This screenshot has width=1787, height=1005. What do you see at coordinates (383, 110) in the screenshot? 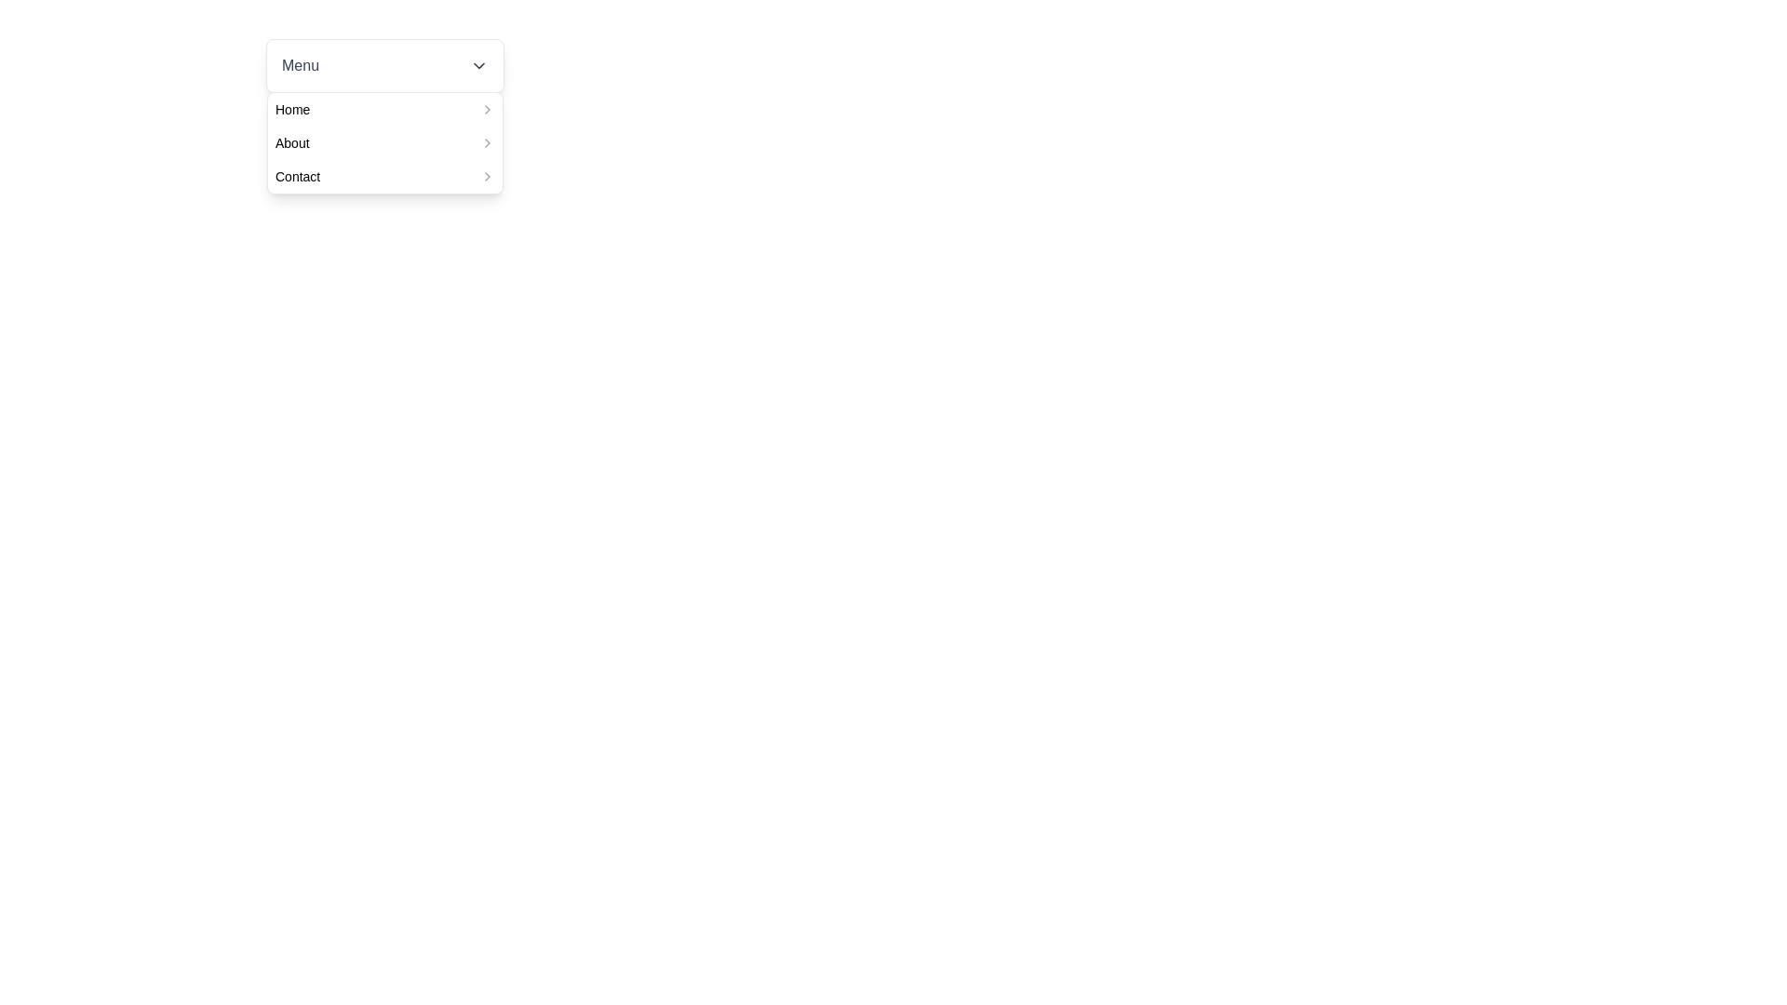
I see `the 'Home' list item in the vertical dropdown menu` at bounding box center [383, 110].